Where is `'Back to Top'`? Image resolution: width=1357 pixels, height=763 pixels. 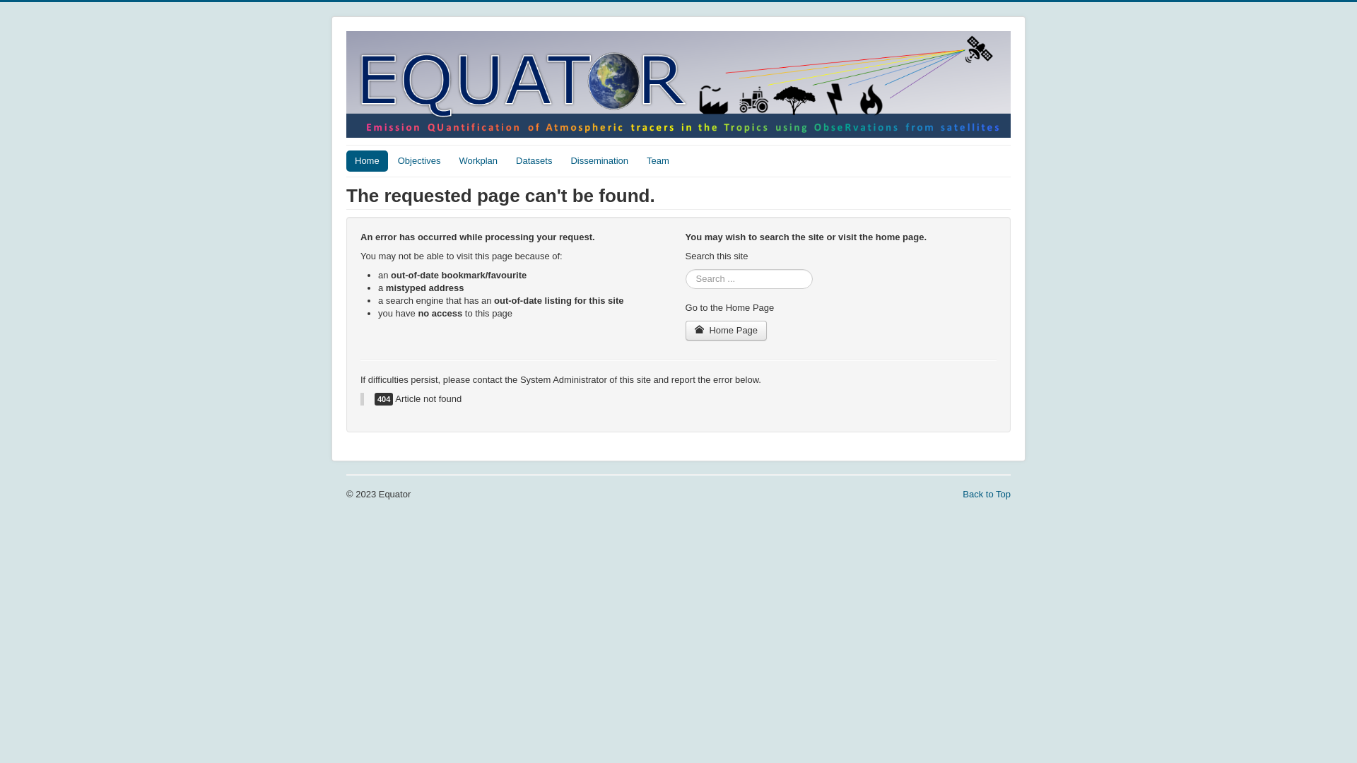
'Back to Top' is located at coordinates (986, 493).